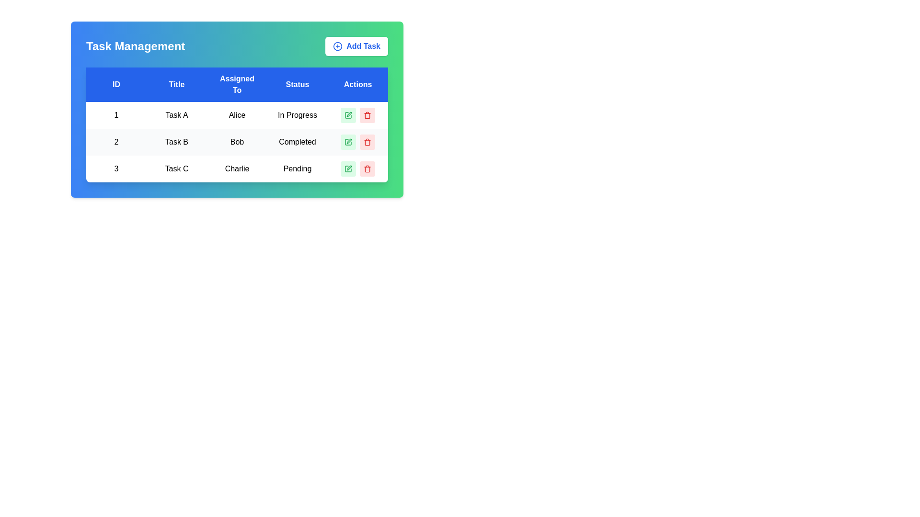 Image resolution: width=920 pixels, height=517 pixels. Describe the element at coordinates (347, 169) in the screenshot. I see `the 'Edit' button located in the 'Actions' column of the third row for the task titled 'Task C'` at that location.